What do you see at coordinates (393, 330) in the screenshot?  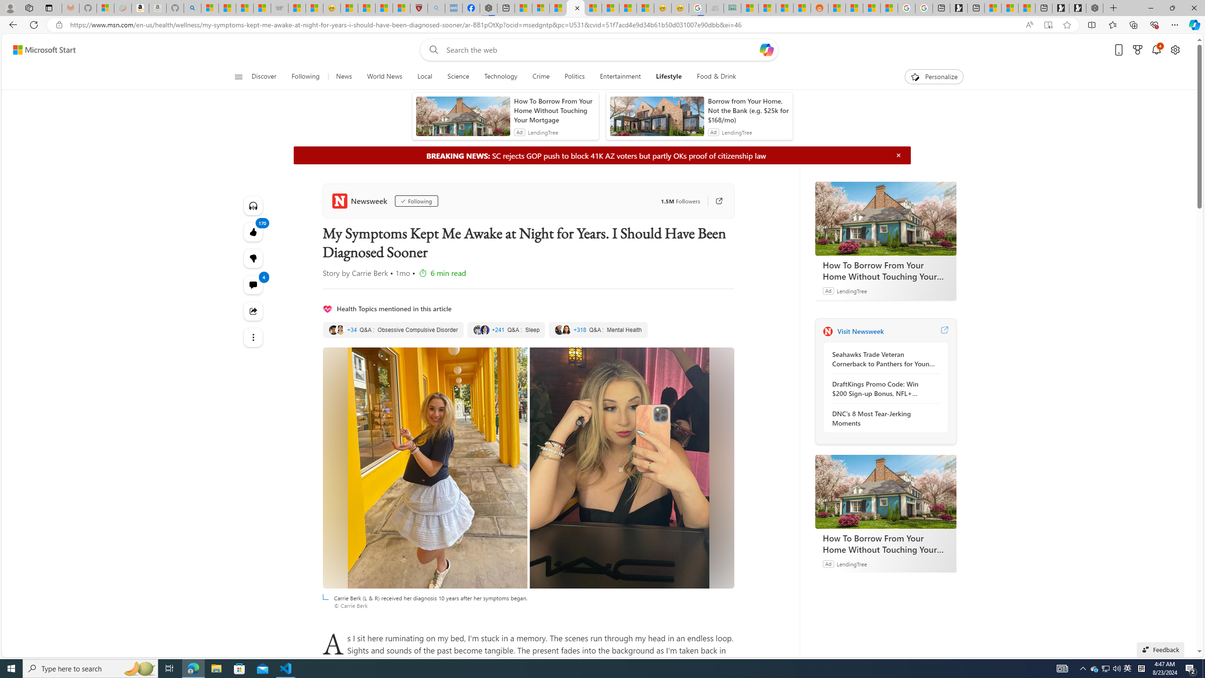 I see `'Obsessive Compulsive Disorder'` at bounding box center [393, 330].